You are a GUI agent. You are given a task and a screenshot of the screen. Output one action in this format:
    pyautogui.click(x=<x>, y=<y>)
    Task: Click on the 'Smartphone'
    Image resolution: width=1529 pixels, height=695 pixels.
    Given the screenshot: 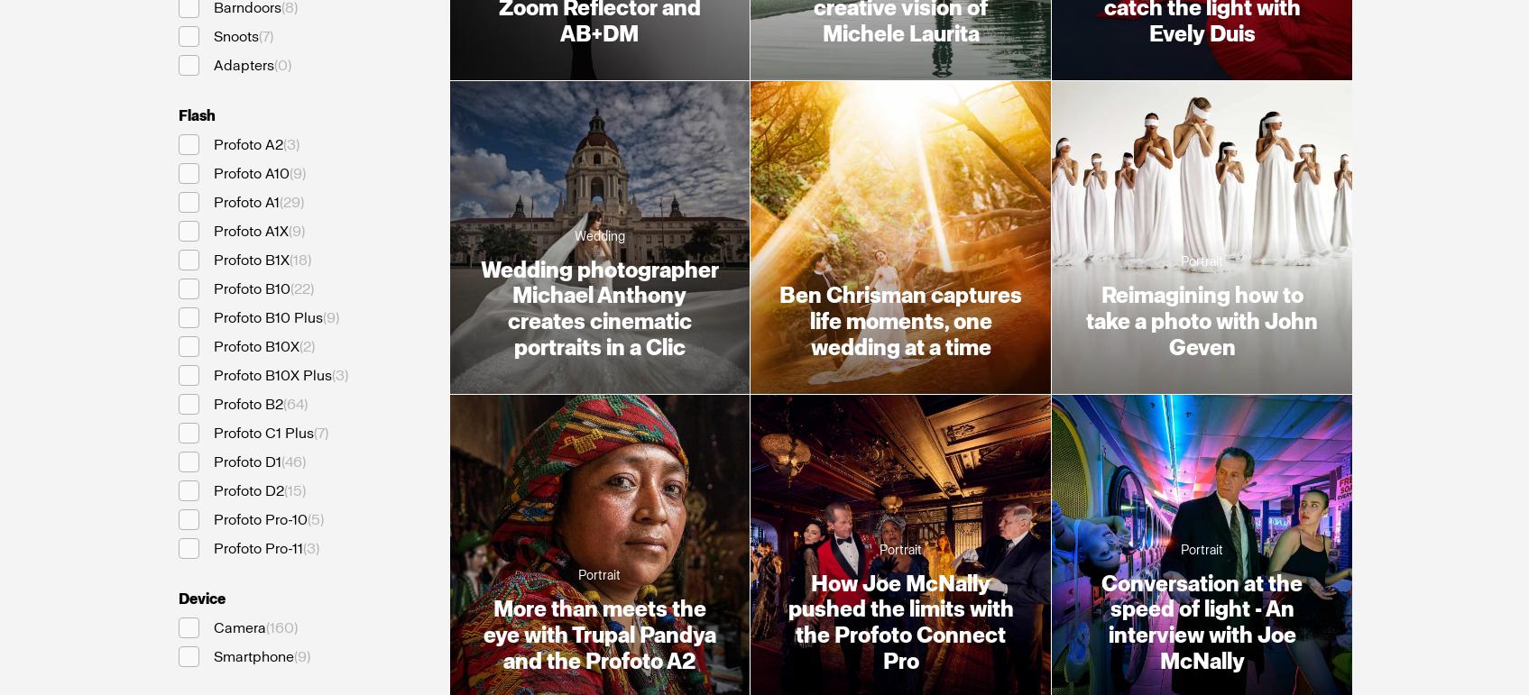 What is the action you would take?
    pyautogui.click(x=253, y=655)
    